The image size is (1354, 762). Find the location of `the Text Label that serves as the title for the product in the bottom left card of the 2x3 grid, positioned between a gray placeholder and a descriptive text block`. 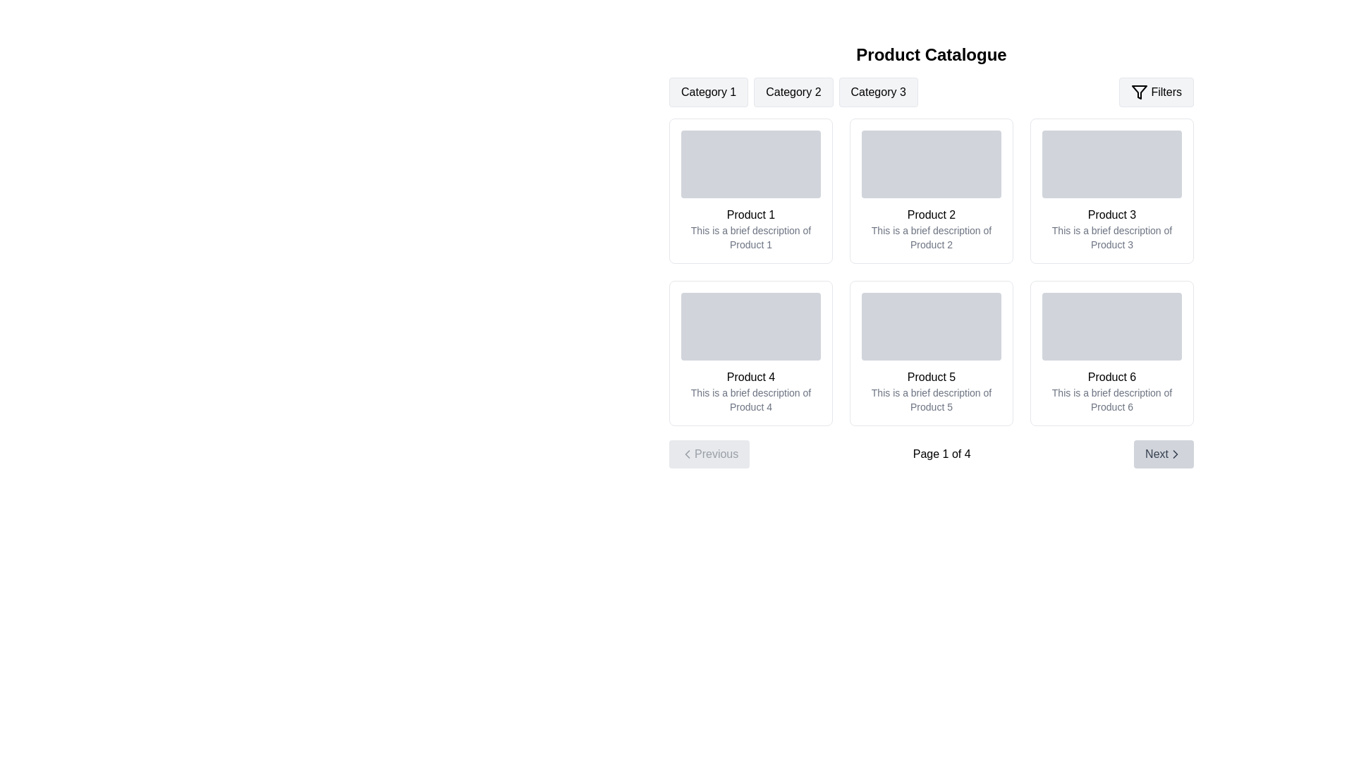

the Text Label that serves as the title for the product in the bottom left card of the 2x3 grid, positioned between a gray placeholder and a descriptive text block is located at coordinates (750, 377).